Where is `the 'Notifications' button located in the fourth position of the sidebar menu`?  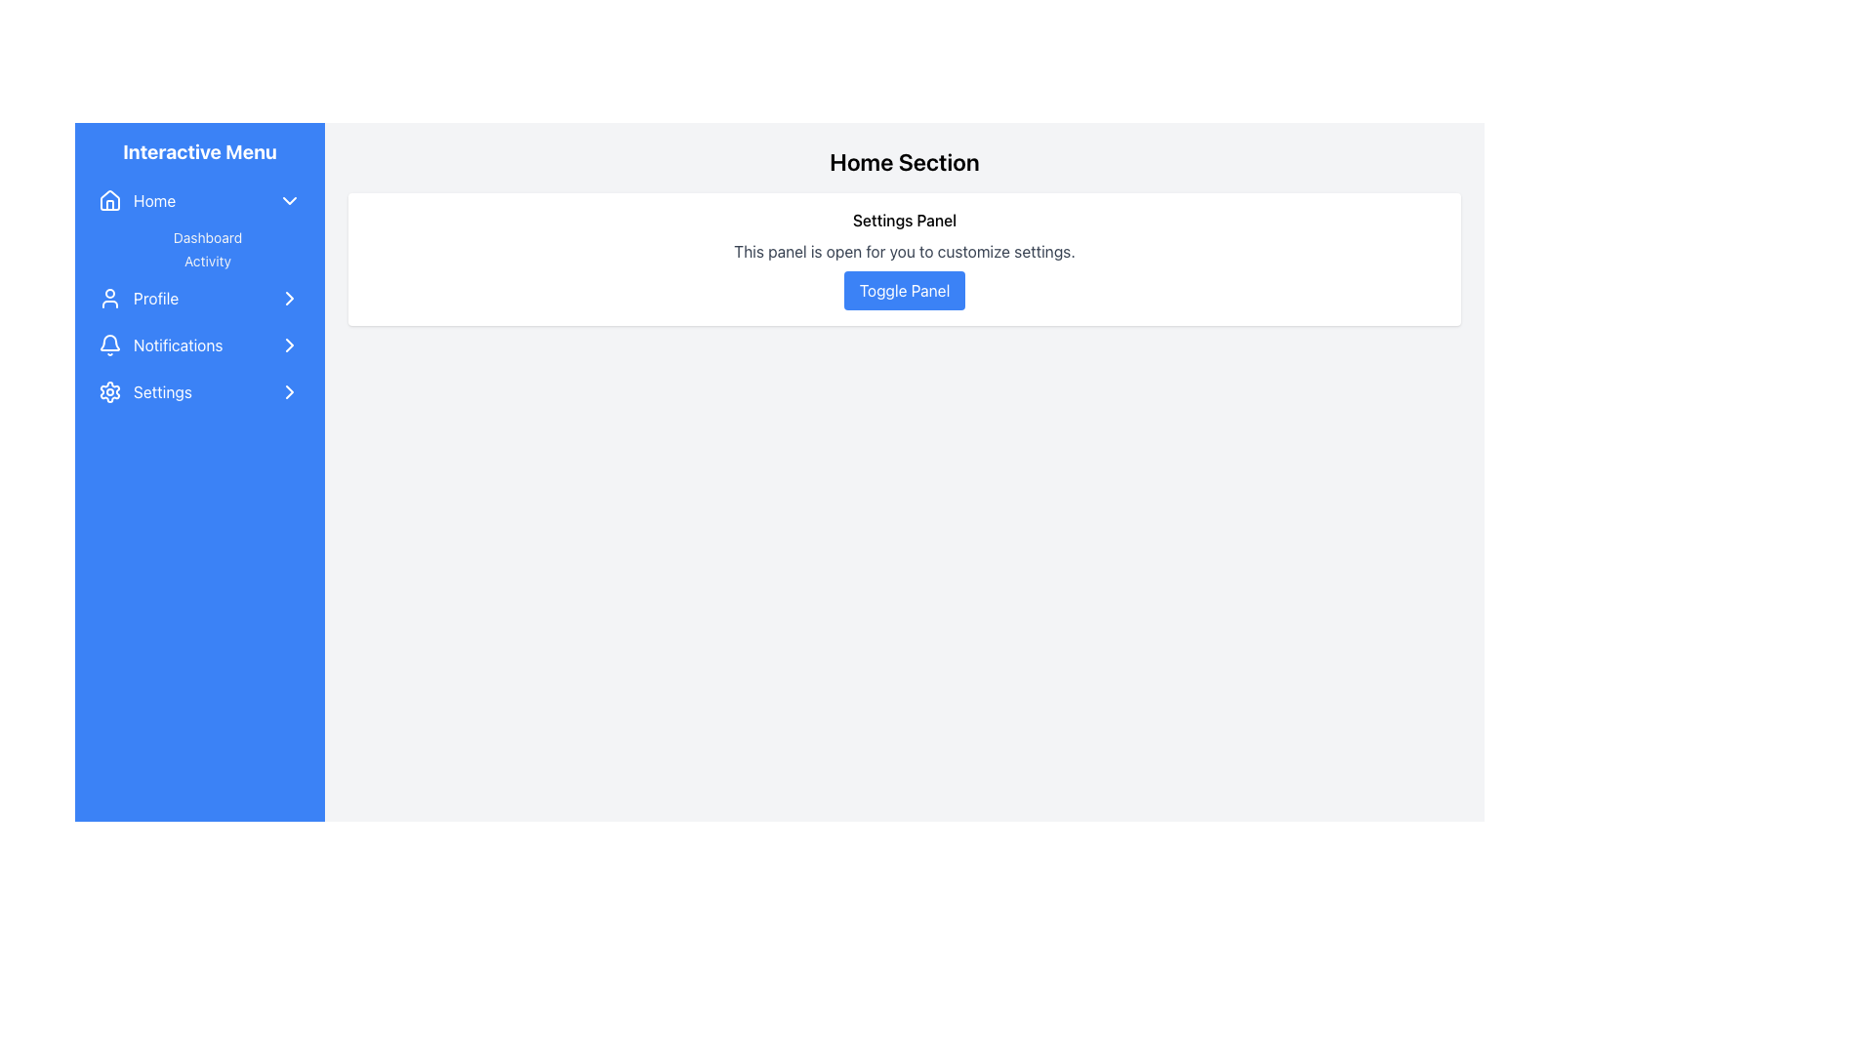
the 'Notifications' button located in the fourth position of the sidebar menu is located at coordinates (200, 345).